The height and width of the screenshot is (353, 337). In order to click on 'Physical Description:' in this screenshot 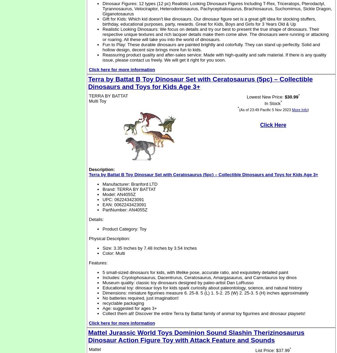, I will do `click(109, 238)`.